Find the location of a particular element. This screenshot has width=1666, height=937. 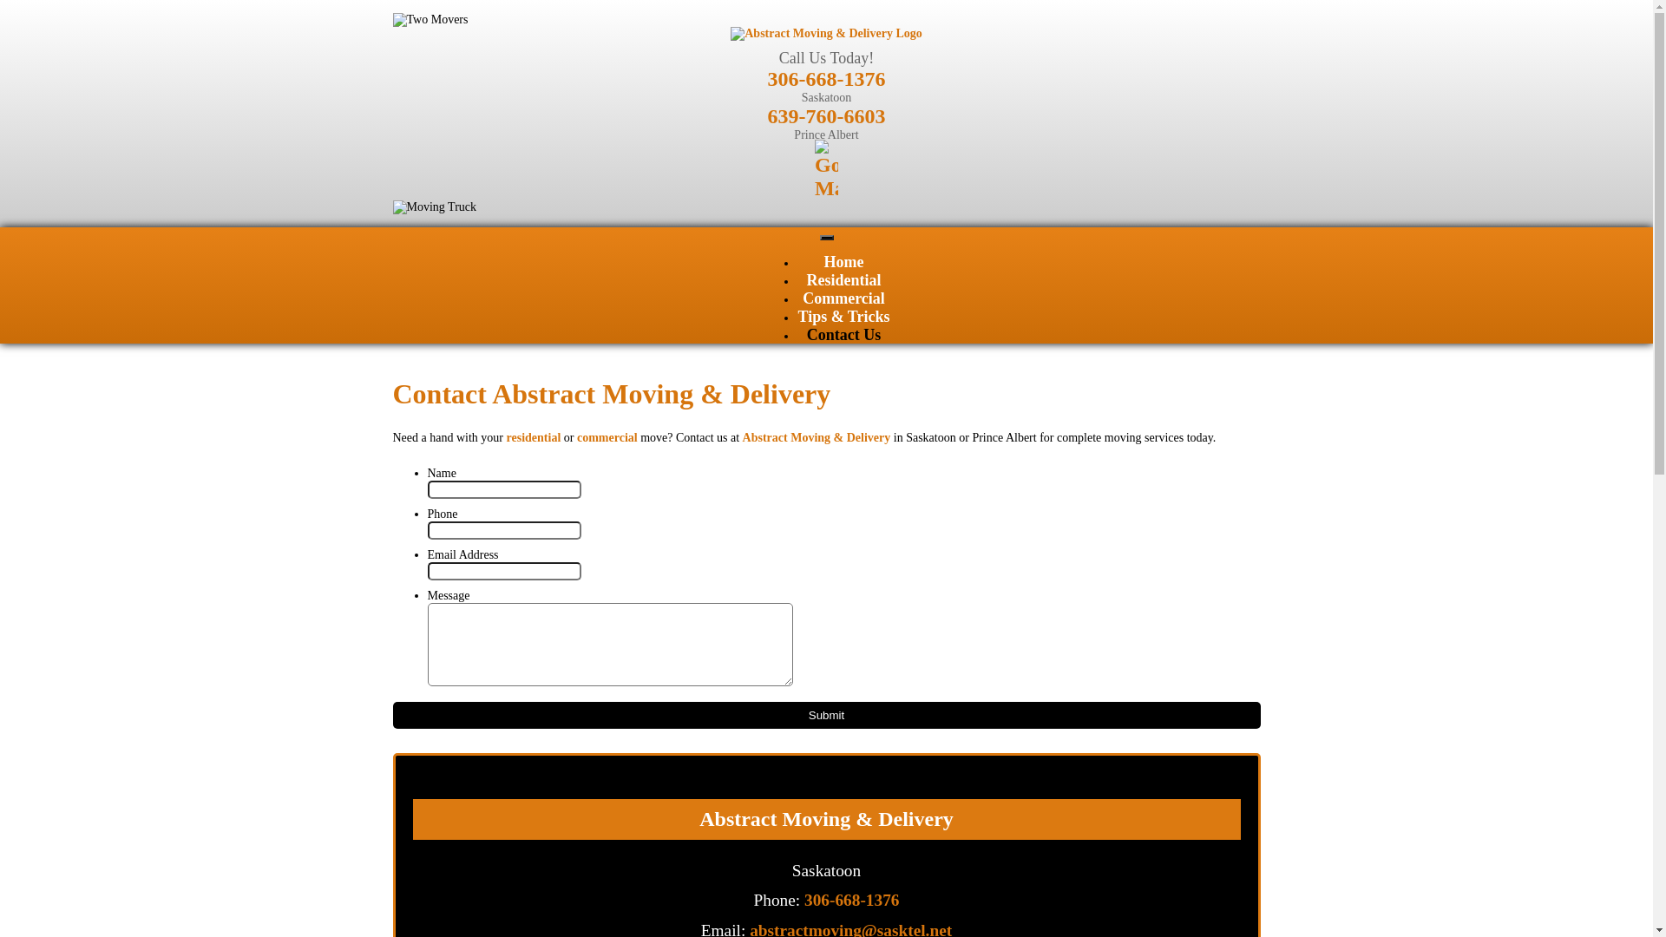

'Submit' is located at coordinates (390, 714).